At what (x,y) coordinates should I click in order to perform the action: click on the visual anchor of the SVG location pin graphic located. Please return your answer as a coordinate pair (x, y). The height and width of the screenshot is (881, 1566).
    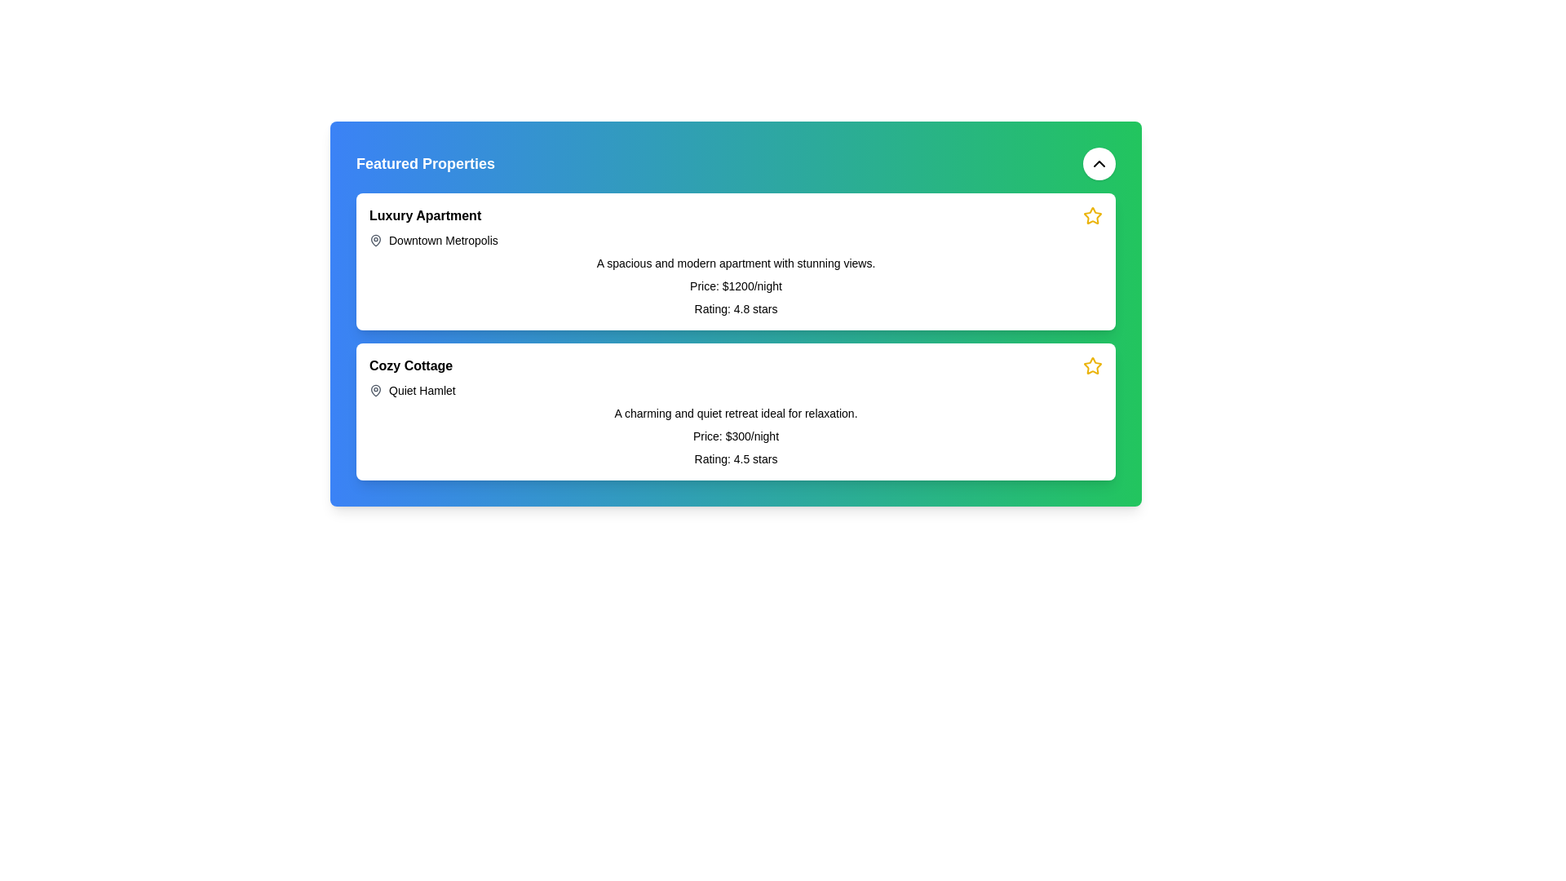
    Looking at the image, I should click on (374, 239).